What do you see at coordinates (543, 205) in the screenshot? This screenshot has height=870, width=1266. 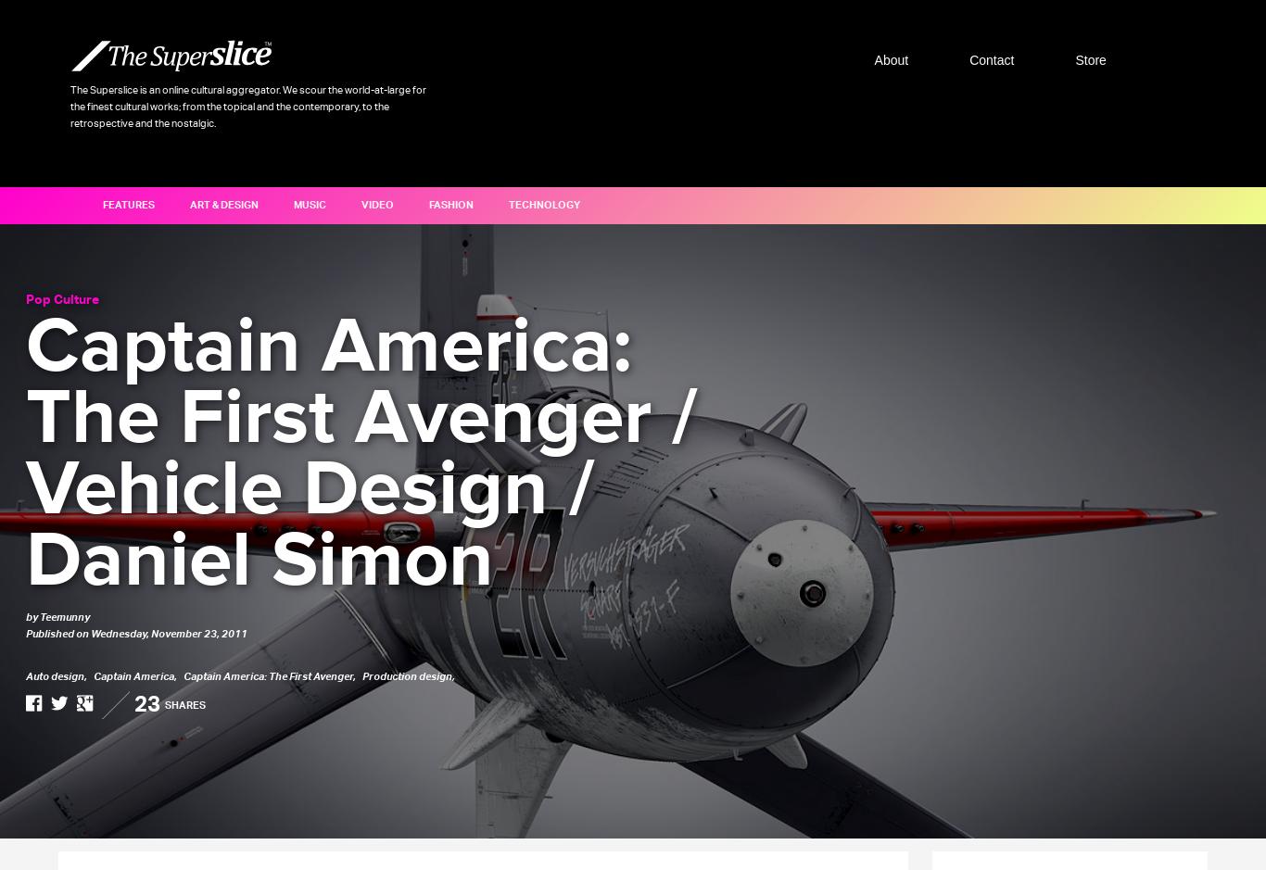 I see `'Technology'` at bounding box center [543, 205].